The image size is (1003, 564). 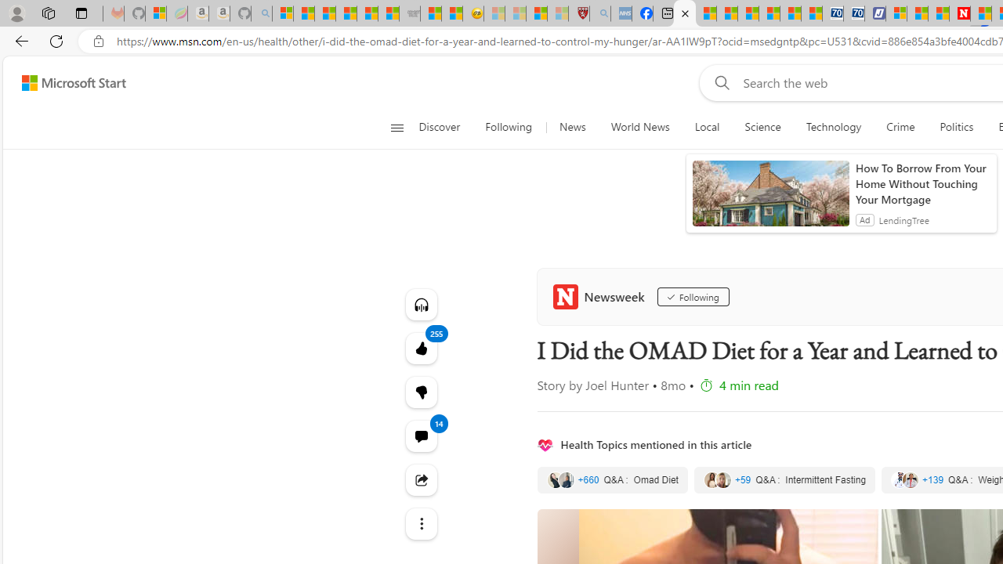 I want to click on 'Listen to this article', so click(x=421, y=304).